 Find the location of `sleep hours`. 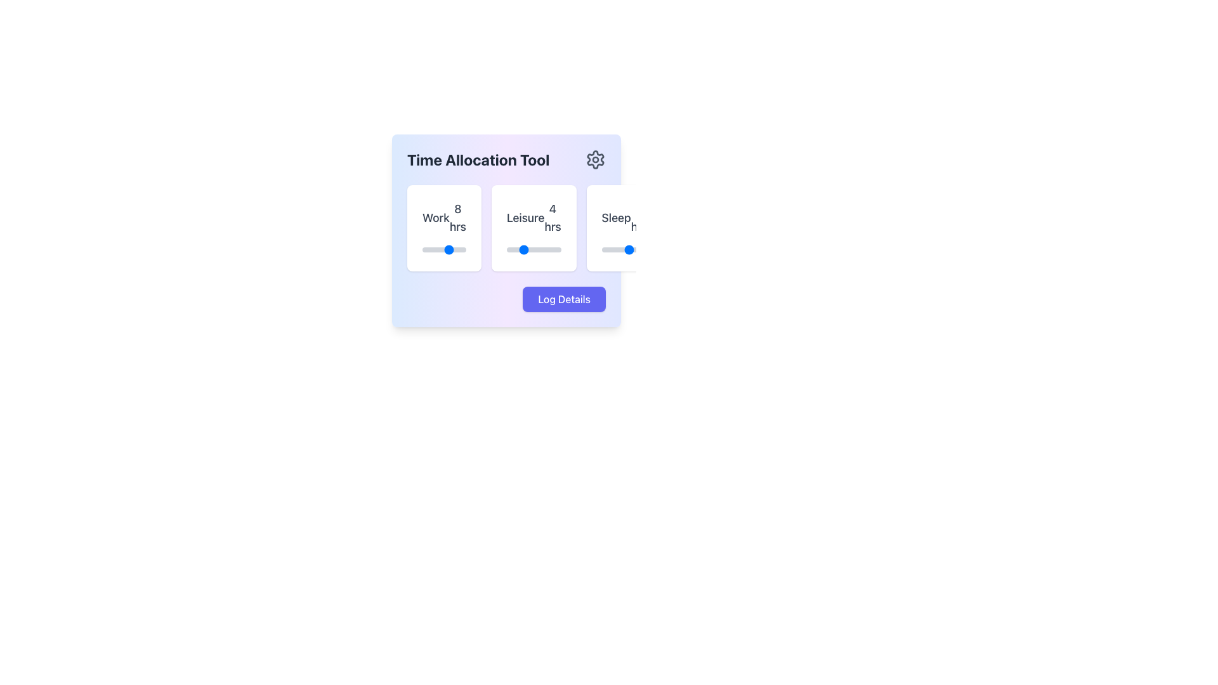

sleep hours is located at coordinates (639, 249).